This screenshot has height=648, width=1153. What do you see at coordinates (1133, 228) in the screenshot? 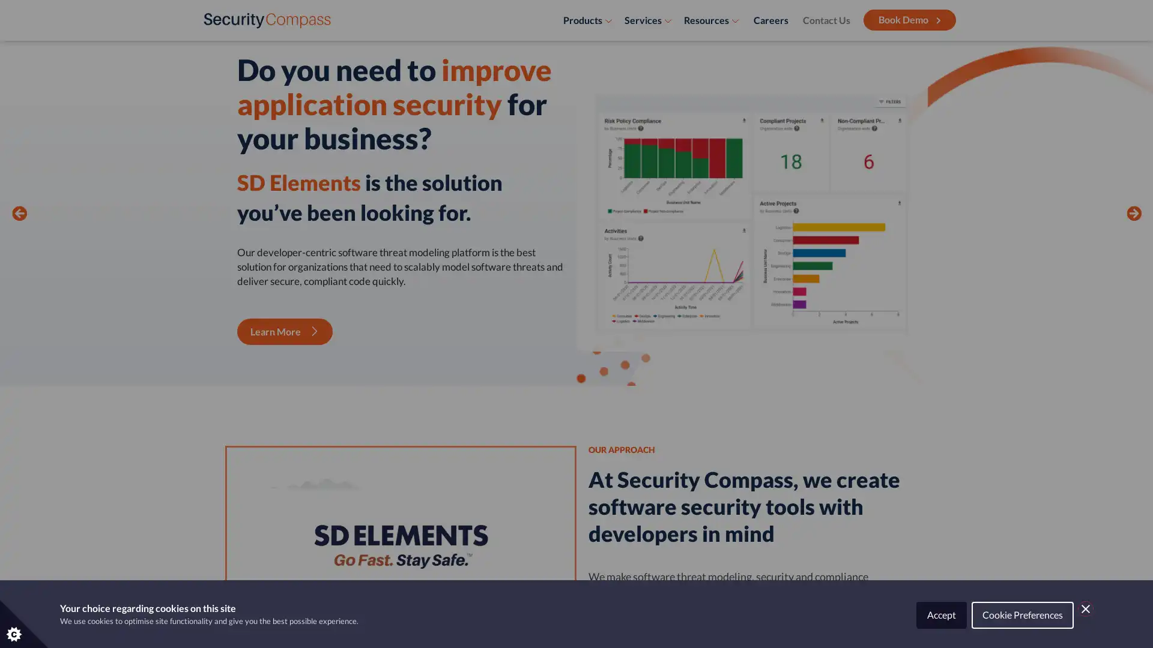
I see `Next` at bounding box center [1133, 228].